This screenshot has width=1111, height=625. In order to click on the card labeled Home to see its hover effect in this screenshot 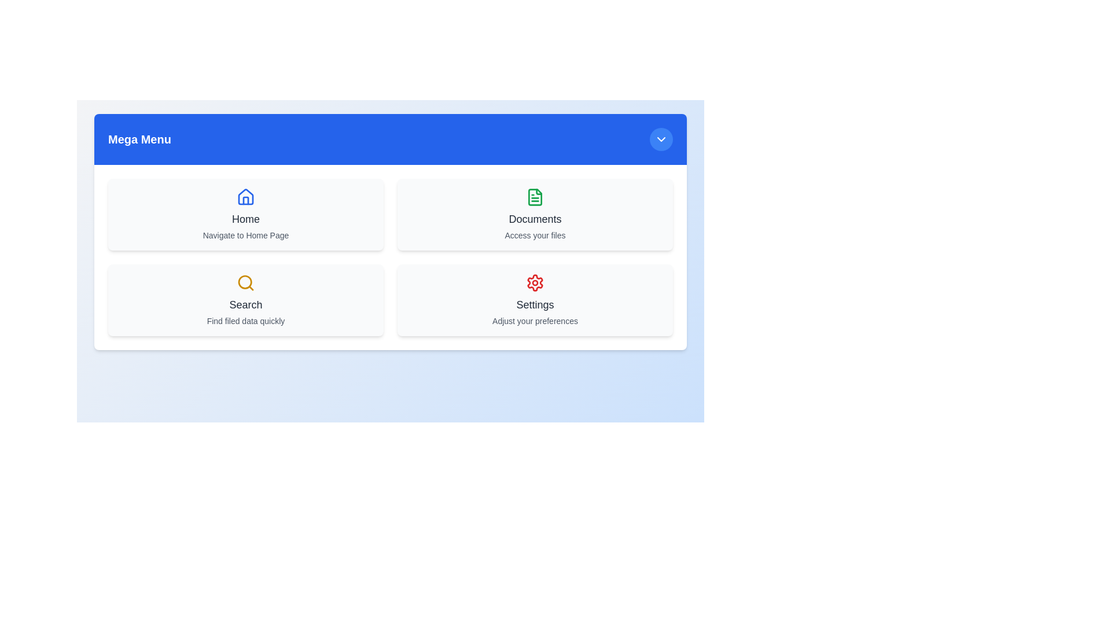, I will do `click(245, 214)`.